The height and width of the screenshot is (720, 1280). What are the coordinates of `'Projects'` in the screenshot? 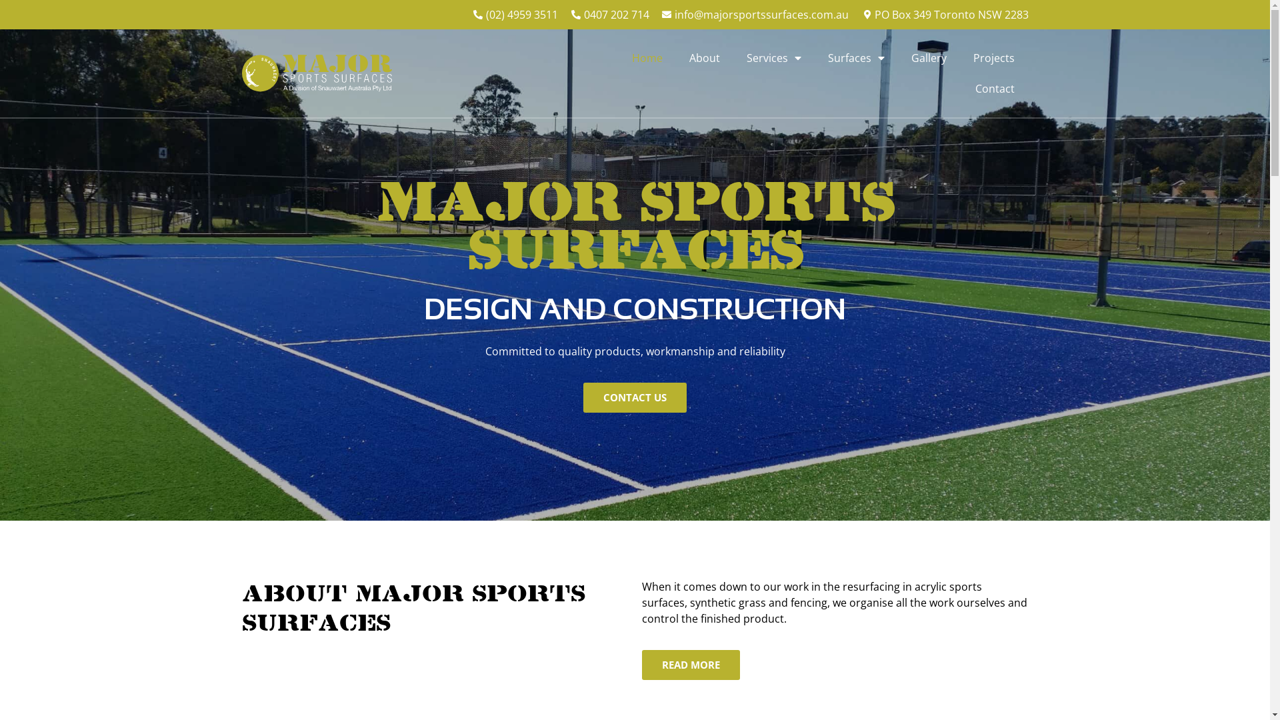 It's located at (994, 57).